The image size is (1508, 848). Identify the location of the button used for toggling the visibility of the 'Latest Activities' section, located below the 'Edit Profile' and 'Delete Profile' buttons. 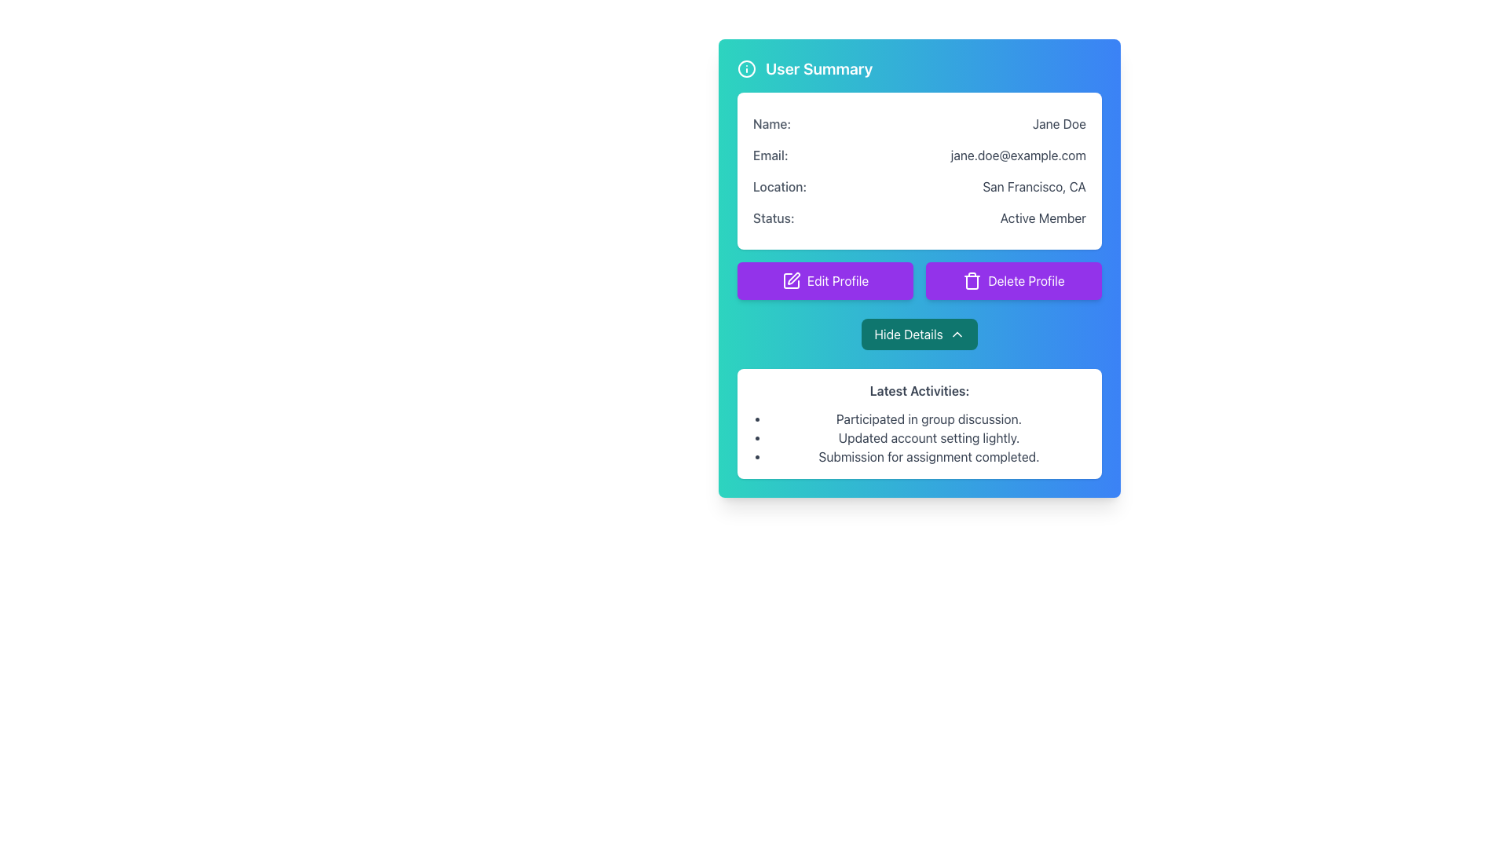
(920, 333).